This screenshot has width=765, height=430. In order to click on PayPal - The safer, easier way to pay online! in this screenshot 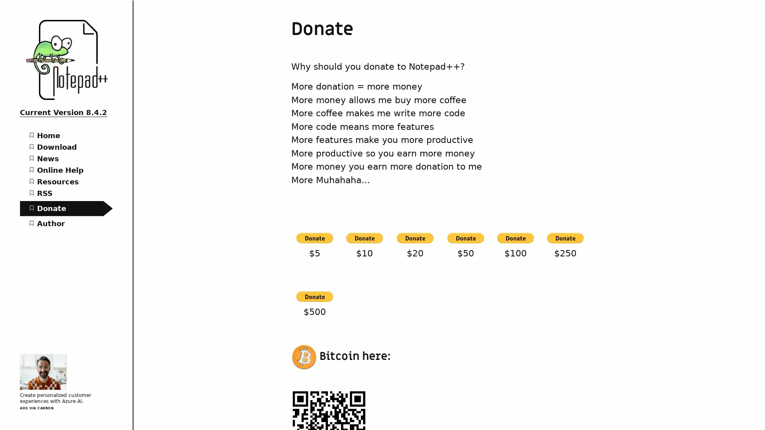, I will do `click(314, 296)`.